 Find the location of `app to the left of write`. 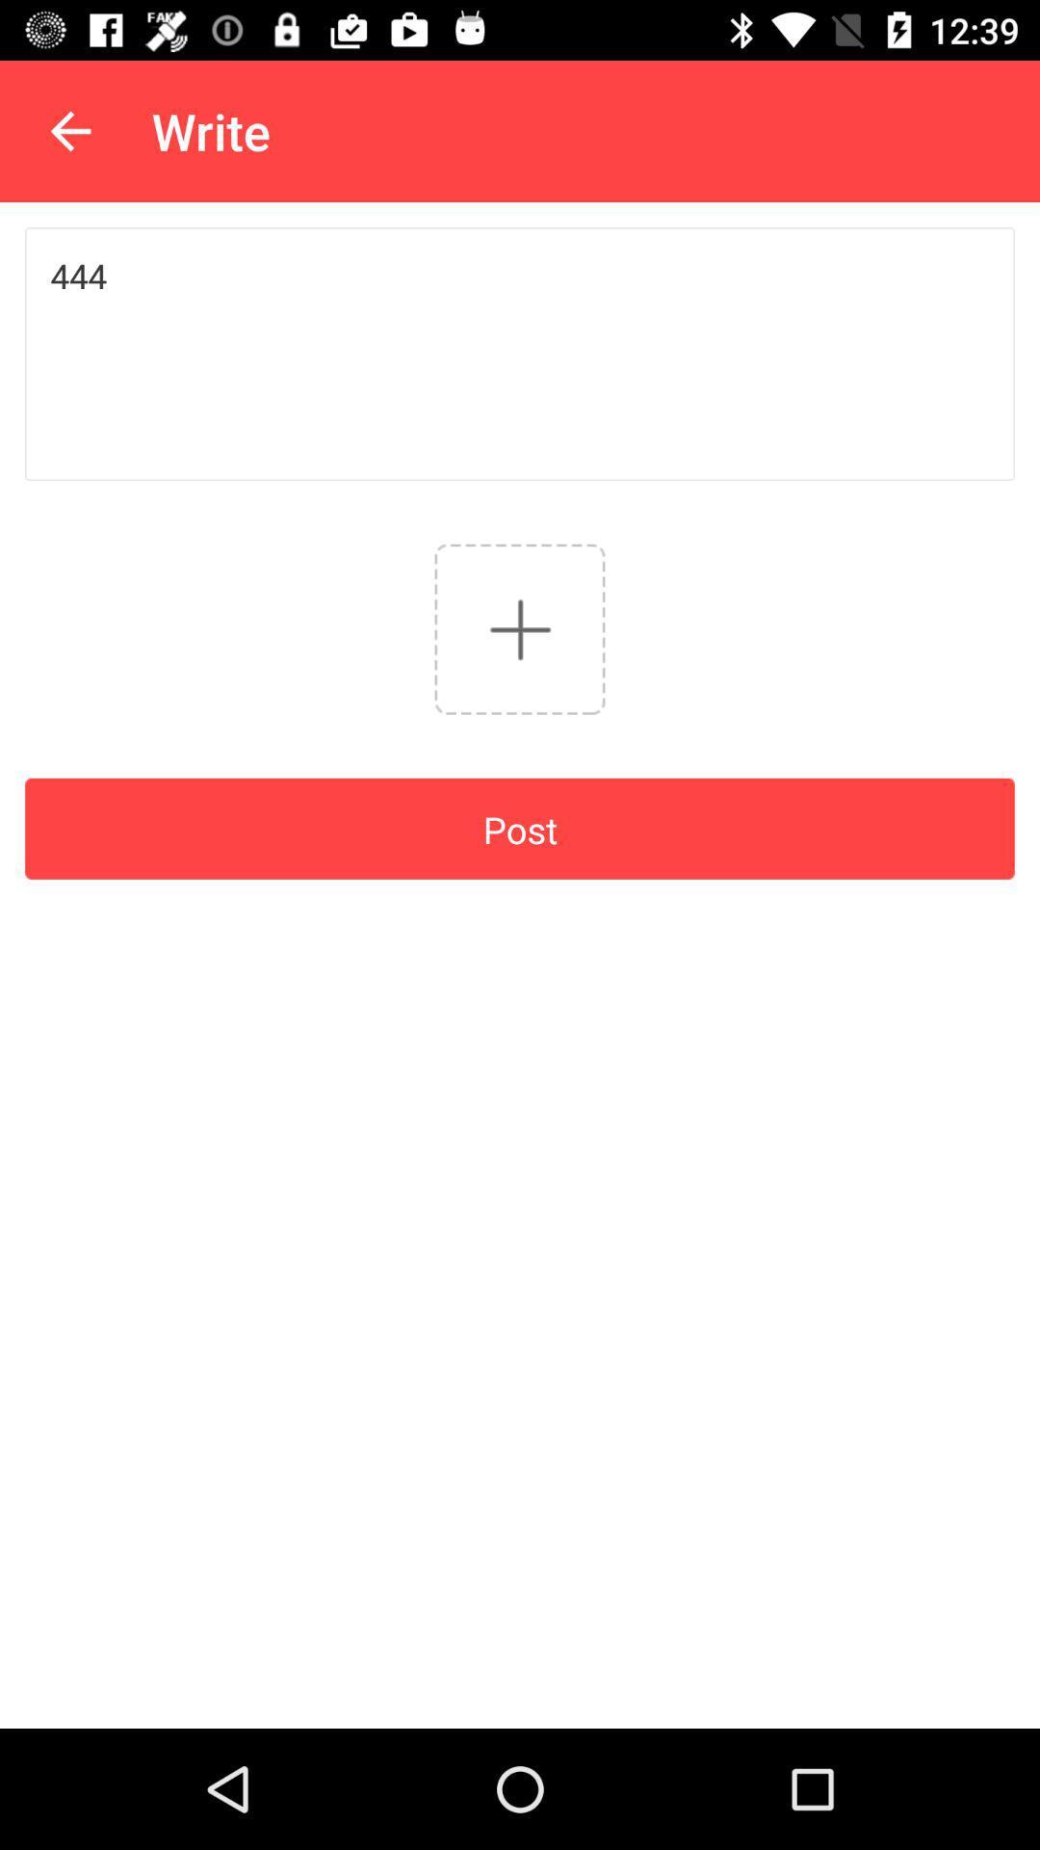

app to the left of write is located at coordinates (69, 130).